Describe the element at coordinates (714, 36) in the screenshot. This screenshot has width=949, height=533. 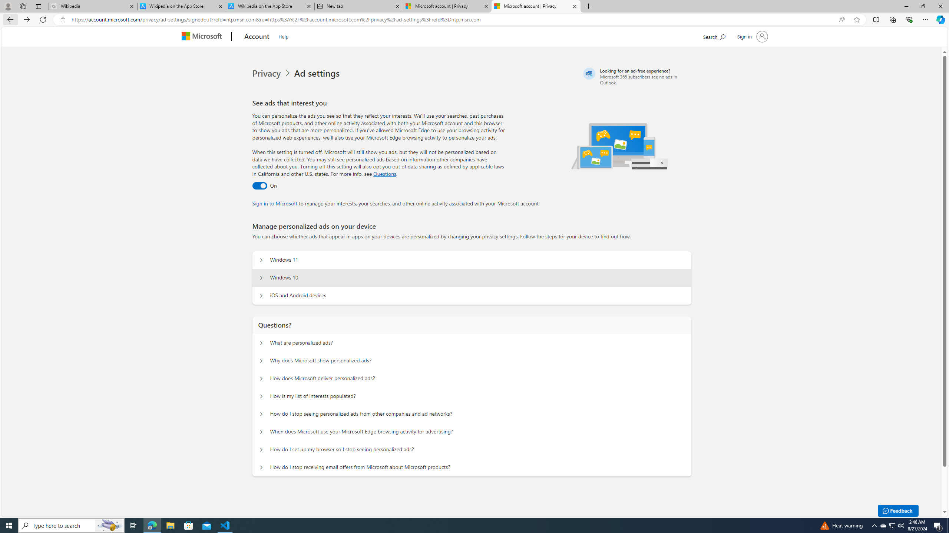
I see `'Search Microsoft.com'` at that location.